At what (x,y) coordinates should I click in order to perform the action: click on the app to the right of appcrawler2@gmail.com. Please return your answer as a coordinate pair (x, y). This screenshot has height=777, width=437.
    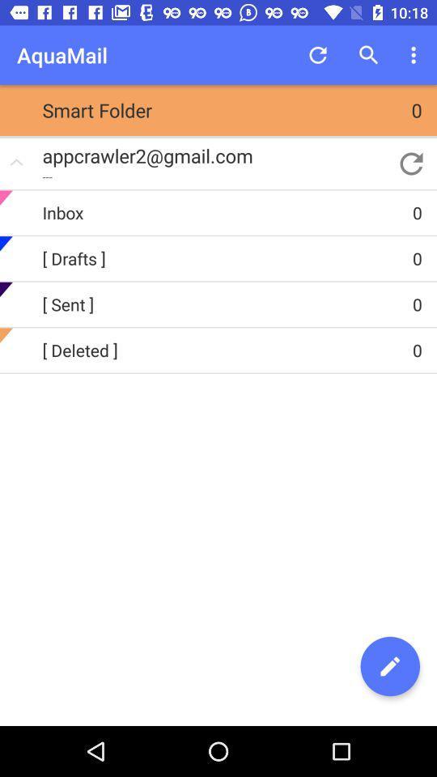
    Looking at the image, I should click on (411, 163).